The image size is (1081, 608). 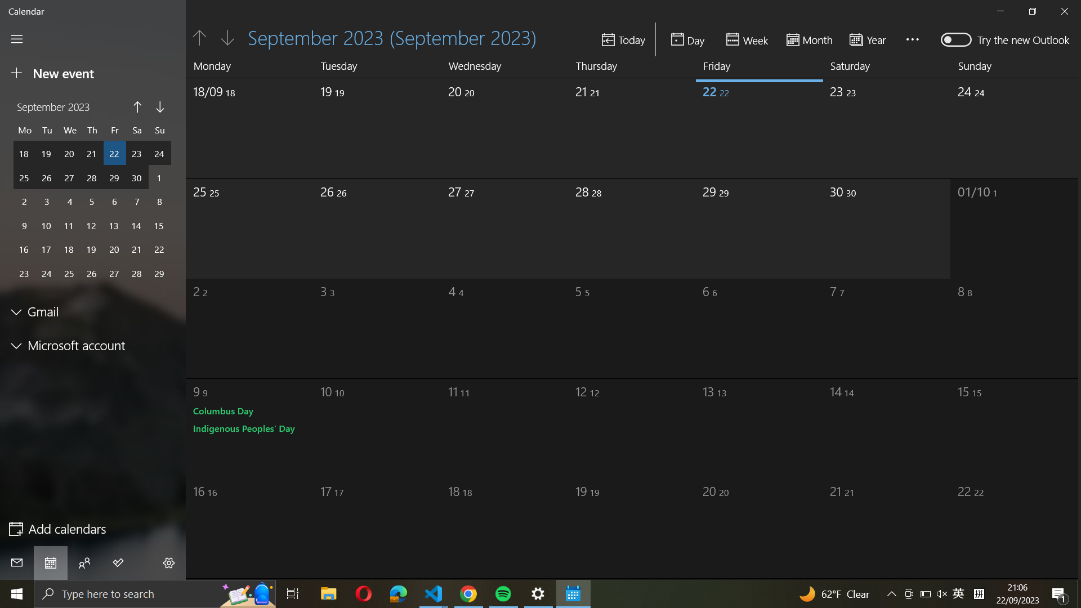 What do you see at coordinates (809, 38) in the screenshot?
I see `Switch the calendar display to show all days in a month` at bounding box center [809, 38].